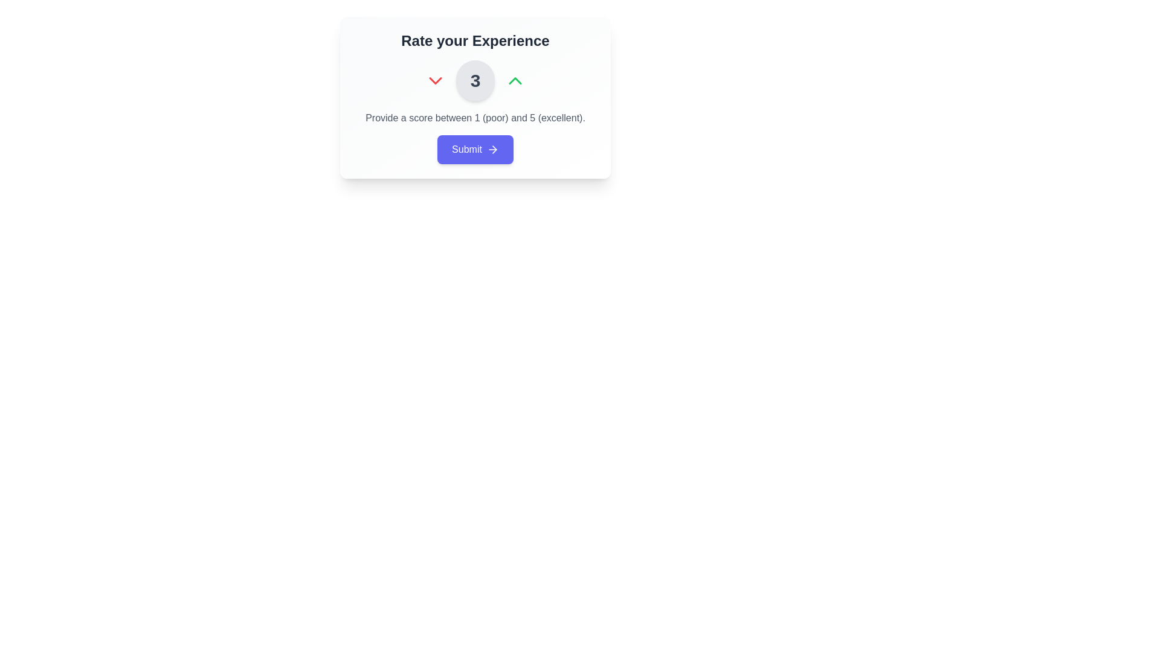 The image size is (1160, 652). What do you see at coordinates (475, 81) in the screenshot?
I see `the circular Display Label containing the bold numeral '3' in dark gray, which is part of the rating panel above the description text and submission button` at bounding box center [475, 81].